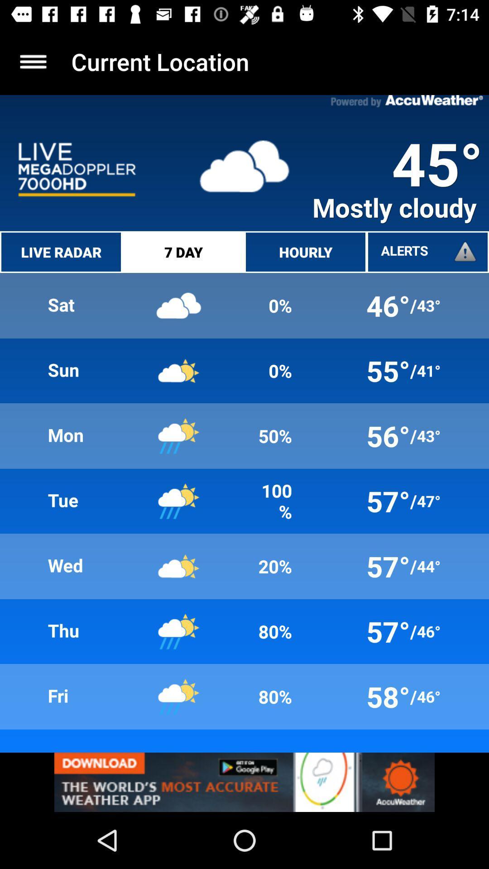 Image resolution: width=489 pixels, height=869 pixels. I want to click on the menu icon, so click(33, 61).